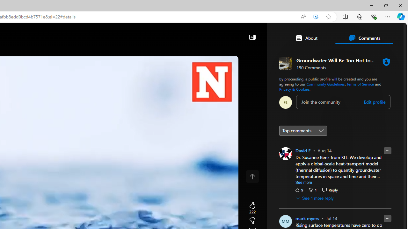  I want to click on 'Terms of Service', so click(360, 84).